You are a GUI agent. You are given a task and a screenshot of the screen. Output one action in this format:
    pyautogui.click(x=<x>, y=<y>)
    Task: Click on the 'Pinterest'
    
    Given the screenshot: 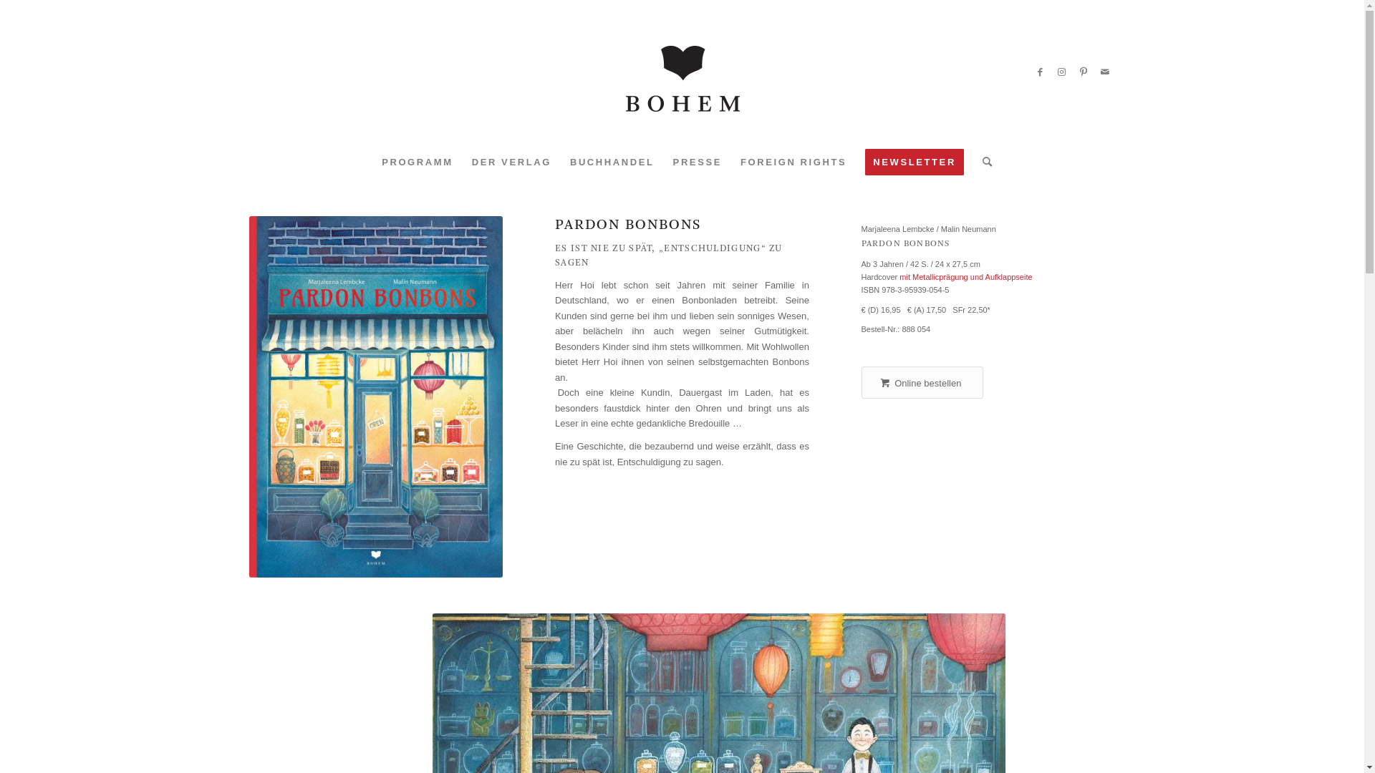 What is the action you would take?
    pyautogui.click(x=1083, y=72)
    